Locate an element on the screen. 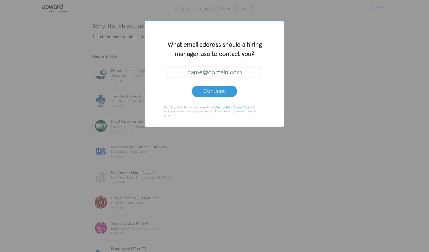  'Full Time Jobs Hiring' is located at coordinates (127, 177).